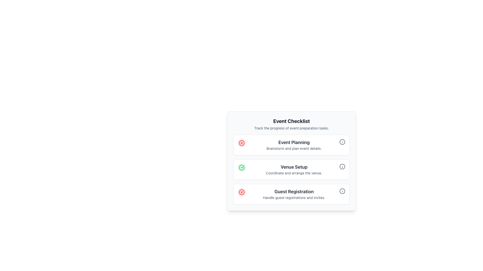 Image resolution: width=483 pixels, height=271 pixels. I want to click on the text label that reads 'Handle guest registrations and invites.' located beneath the 'Guest Registration' heading within the 'Event Checklist.', so click(294, 197).